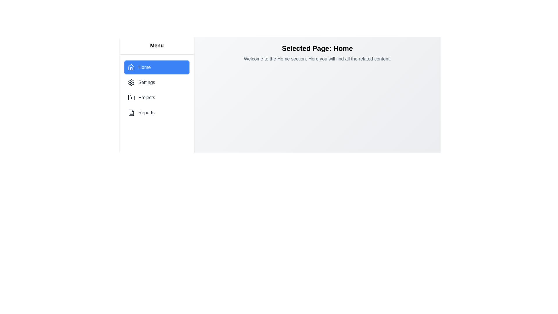 The width and height of the screenshot is (558, 314). Describe the element at coordinates (146, 113) in the screenshot. I see `the text label displaying 'Reports' in the vertical menu` at that location.